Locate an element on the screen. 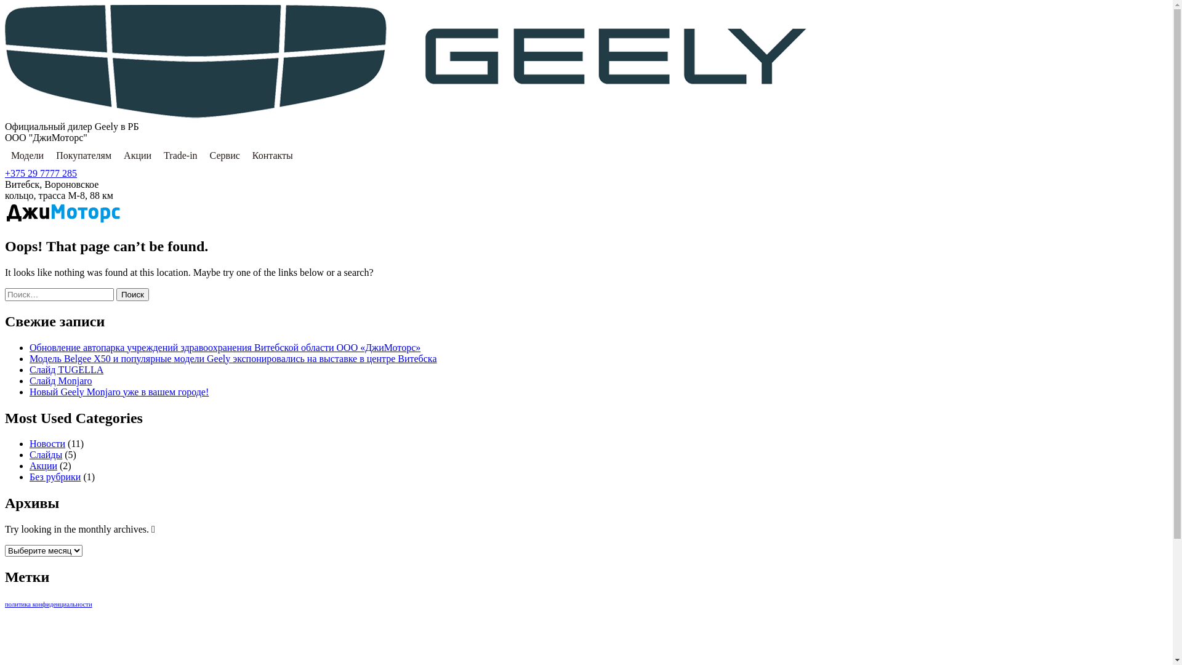 This screenshot has height=665, width=1182. '+375 29 7777 285' is located at coordinates (41, 173).